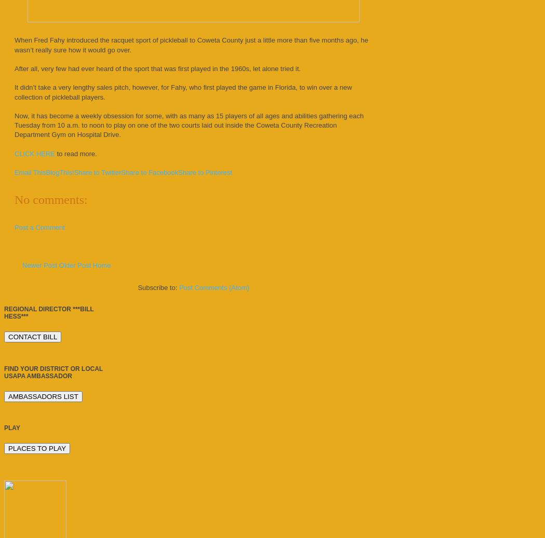 The width and height of the screenshot is (545, 538). Describe the element at coordinates (74, 265) in the screenshot. I see `'Older Post'` at that location.